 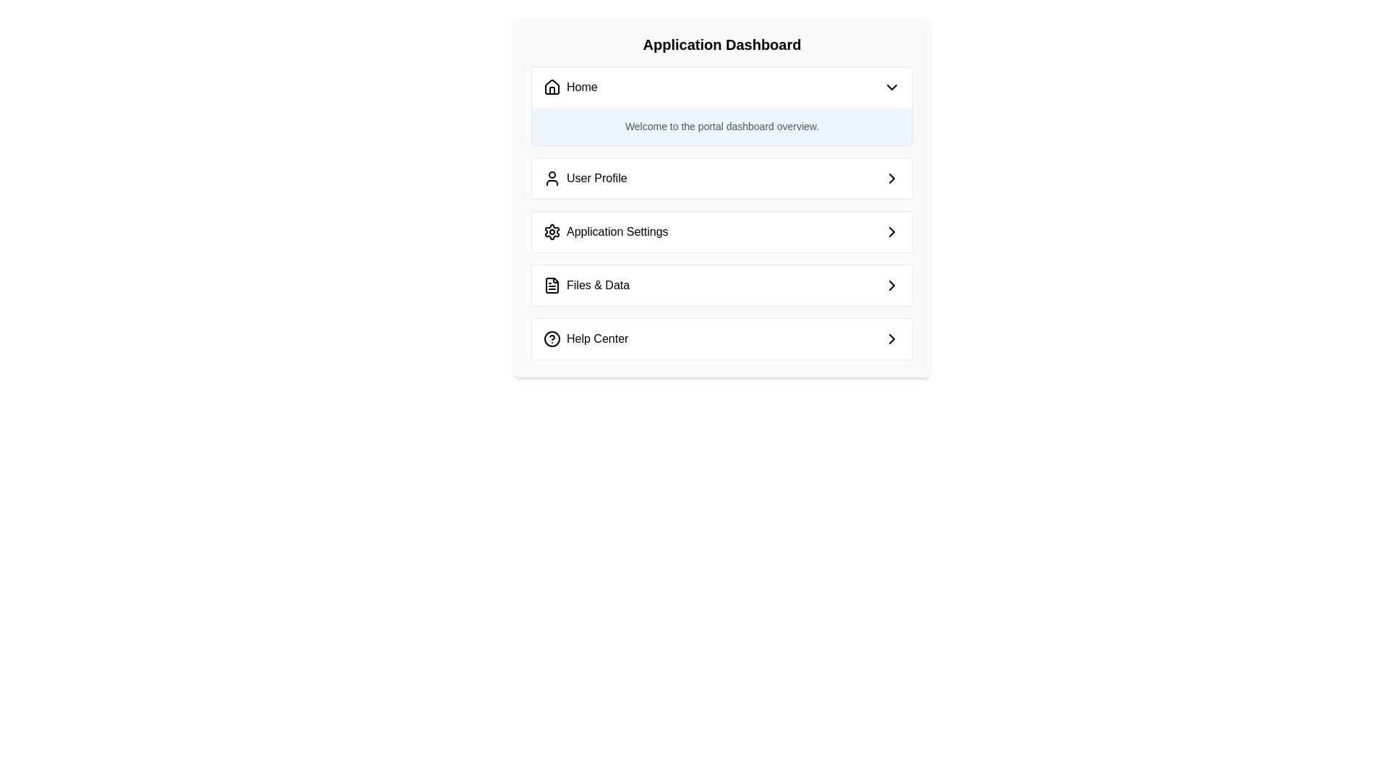 What do you see at coordinates (551, 177) in the screenshot?
I see `the SVG icon depicting a human figure, which is styled with a thin line and is located to the left of the 'User Profile' text in the second row of a vertically stacked menu` at bounding box center [551, 177].